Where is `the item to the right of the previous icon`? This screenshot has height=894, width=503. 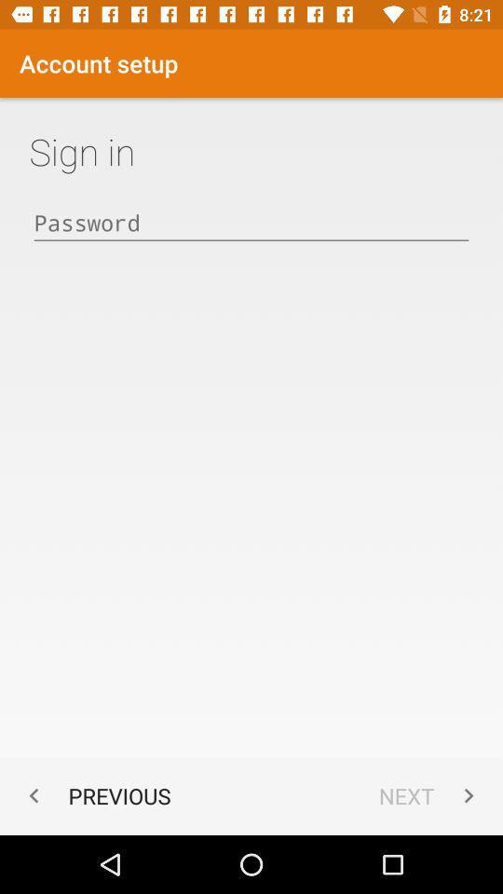
the item to the right of the previous icon is located at coordinates (430, 794).